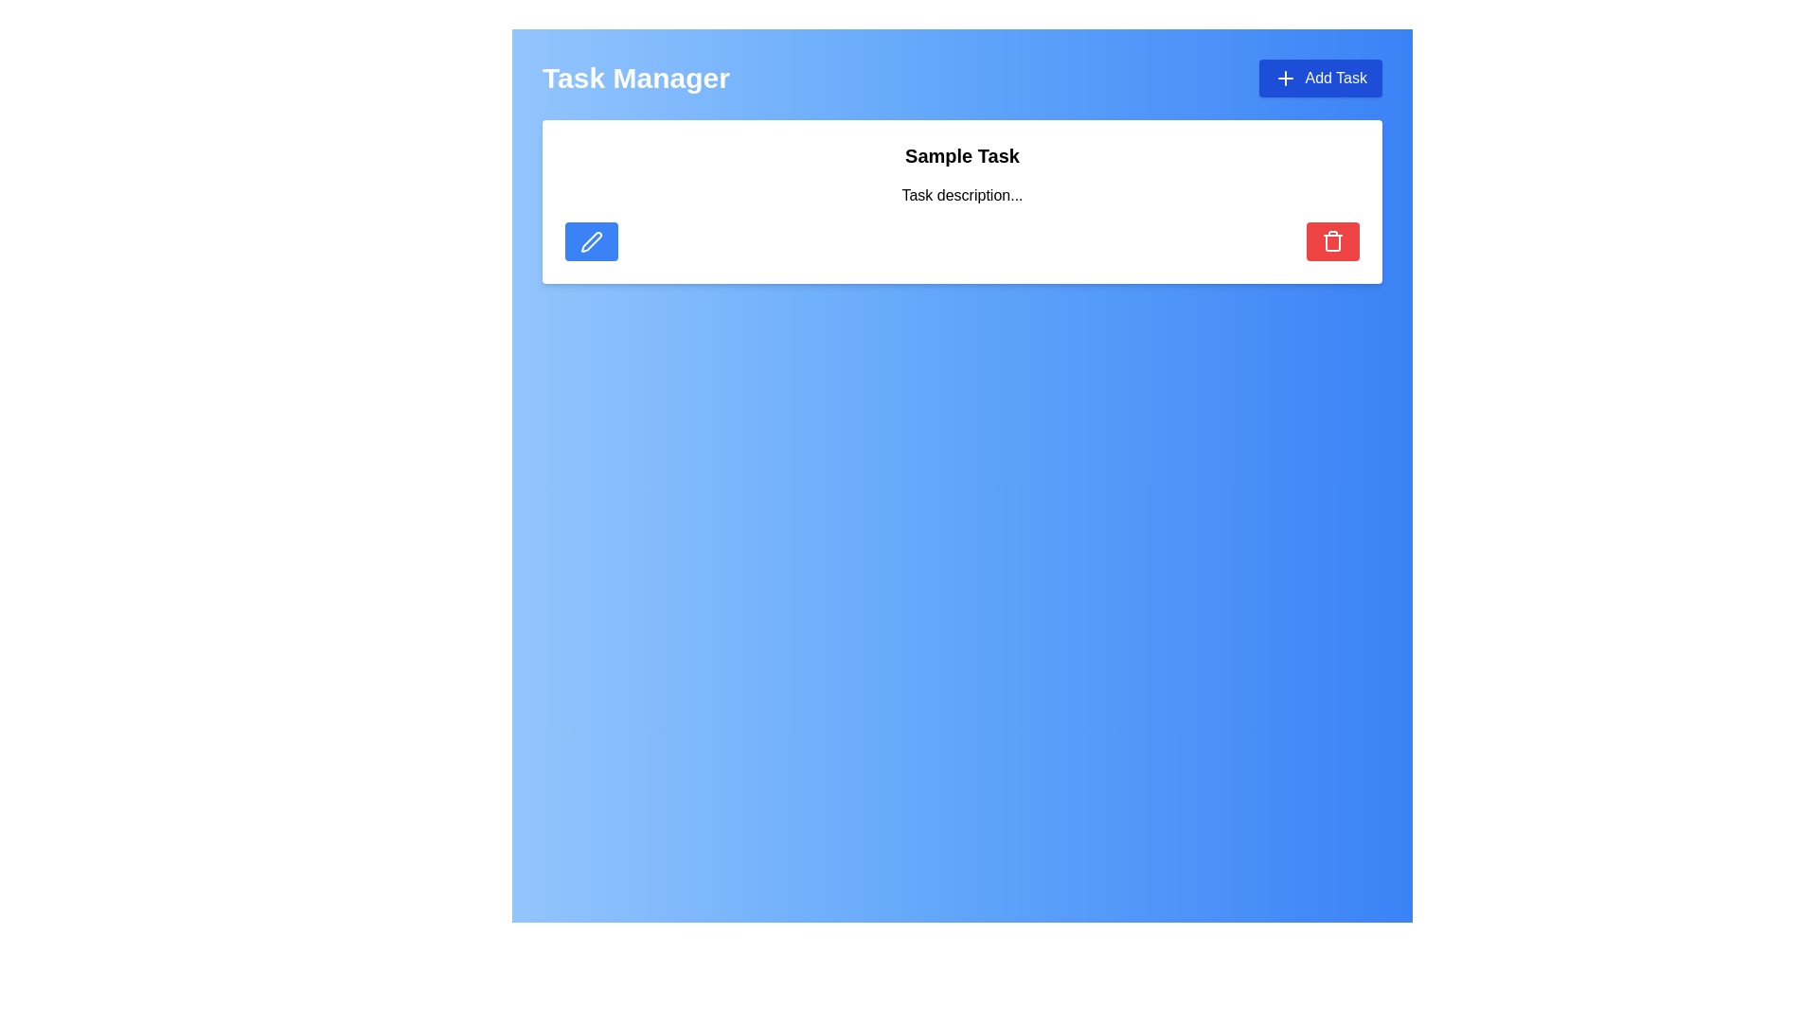 The width and height of the screenshot is (1818, 1022). I want to click on the pen icon located within the blue rectangular button on the left side of the task item card to initiate an edit action, so click(590, 239).